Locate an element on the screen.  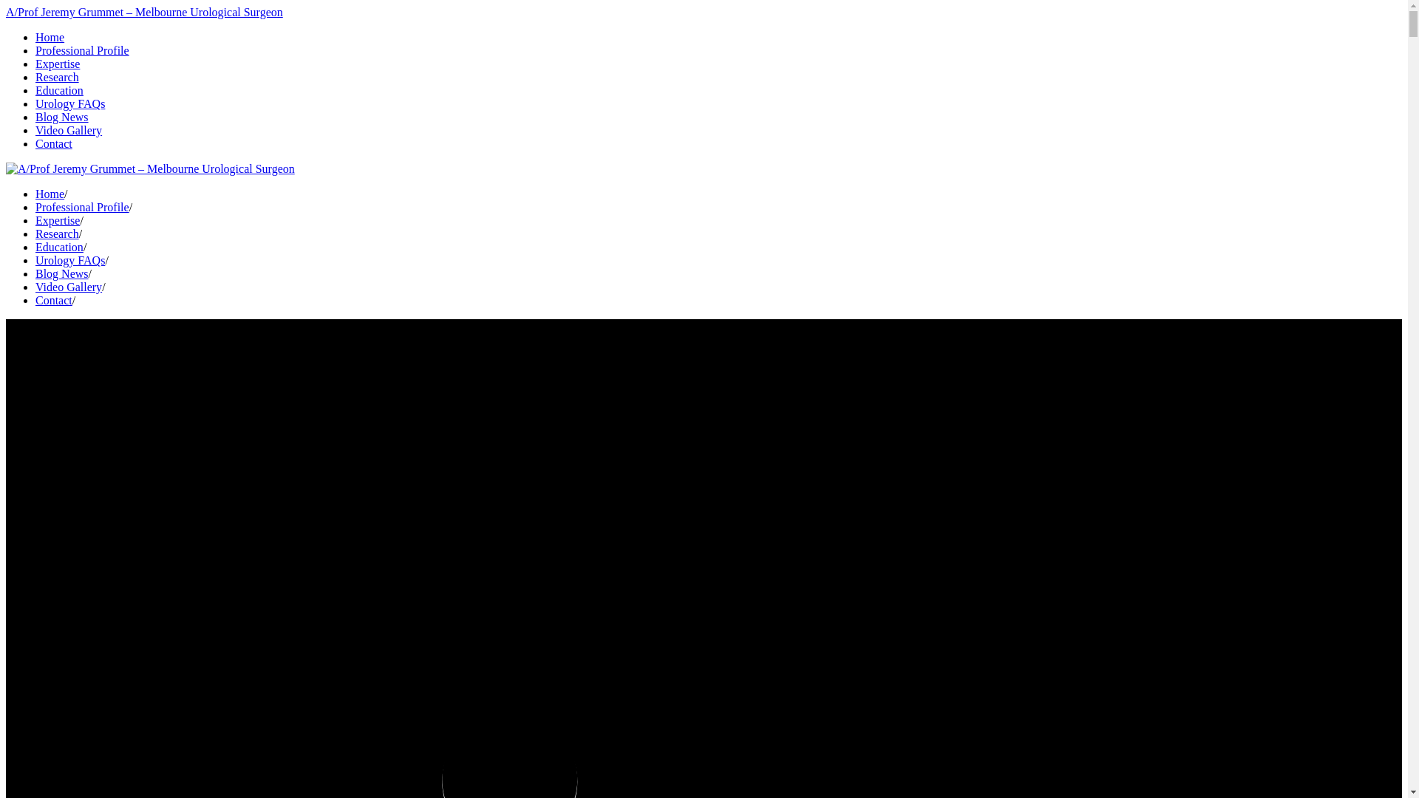
'Contact' is located at coordinates (53, 143).